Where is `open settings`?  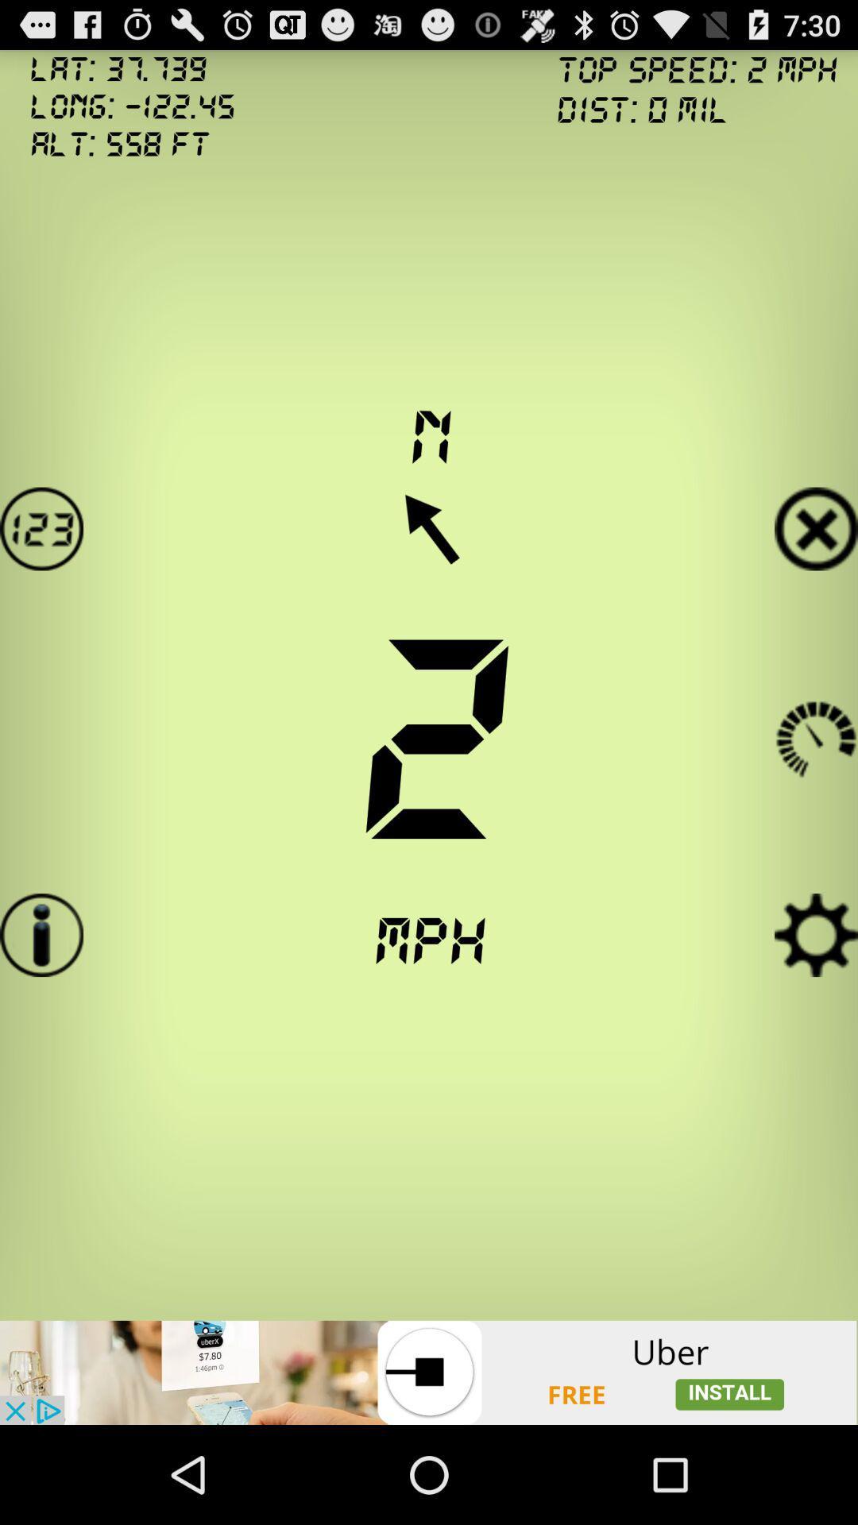
open settings is located at coordinates (816, 935).